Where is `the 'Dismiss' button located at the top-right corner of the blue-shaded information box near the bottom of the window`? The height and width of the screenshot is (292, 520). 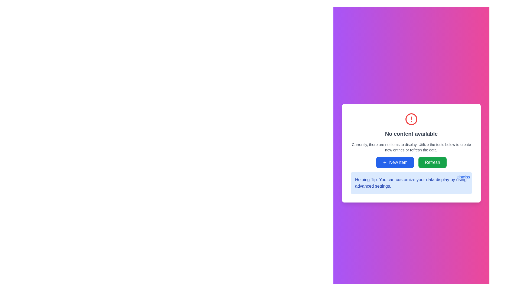 the 'Dismiss' button located at the top-right corner of the blue-shaded information box near the bottom of the window is located at coordinates (463, 177).